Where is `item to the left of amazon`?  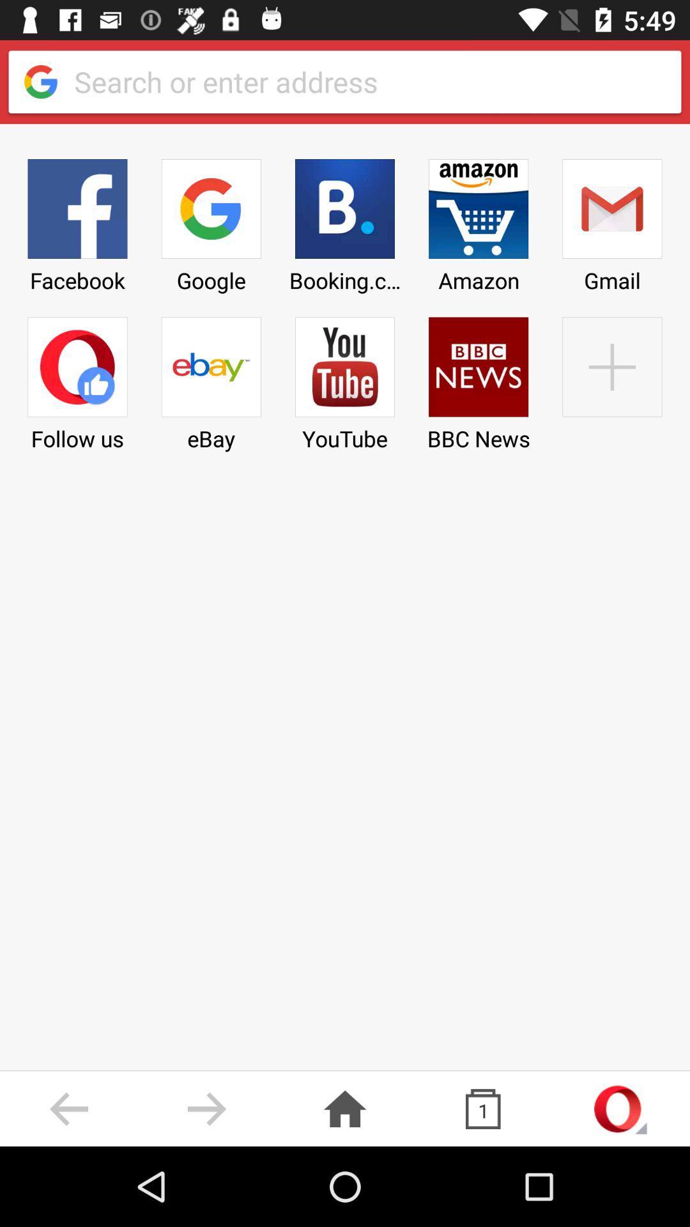 item to the left of amazon is located at coordinates (345, 221).